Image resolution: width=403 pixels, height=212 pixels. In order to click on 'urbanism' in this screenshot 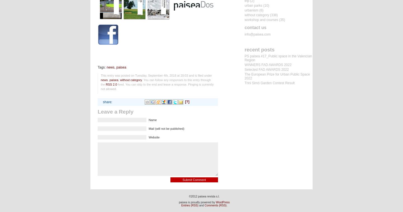, I will do `click(251, 10)`.